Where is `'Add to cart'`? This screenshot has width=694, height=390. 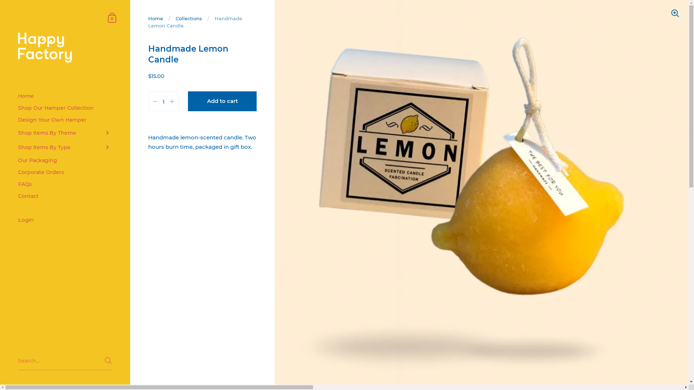
'Add to cart' is located at coordinates (222, 101).